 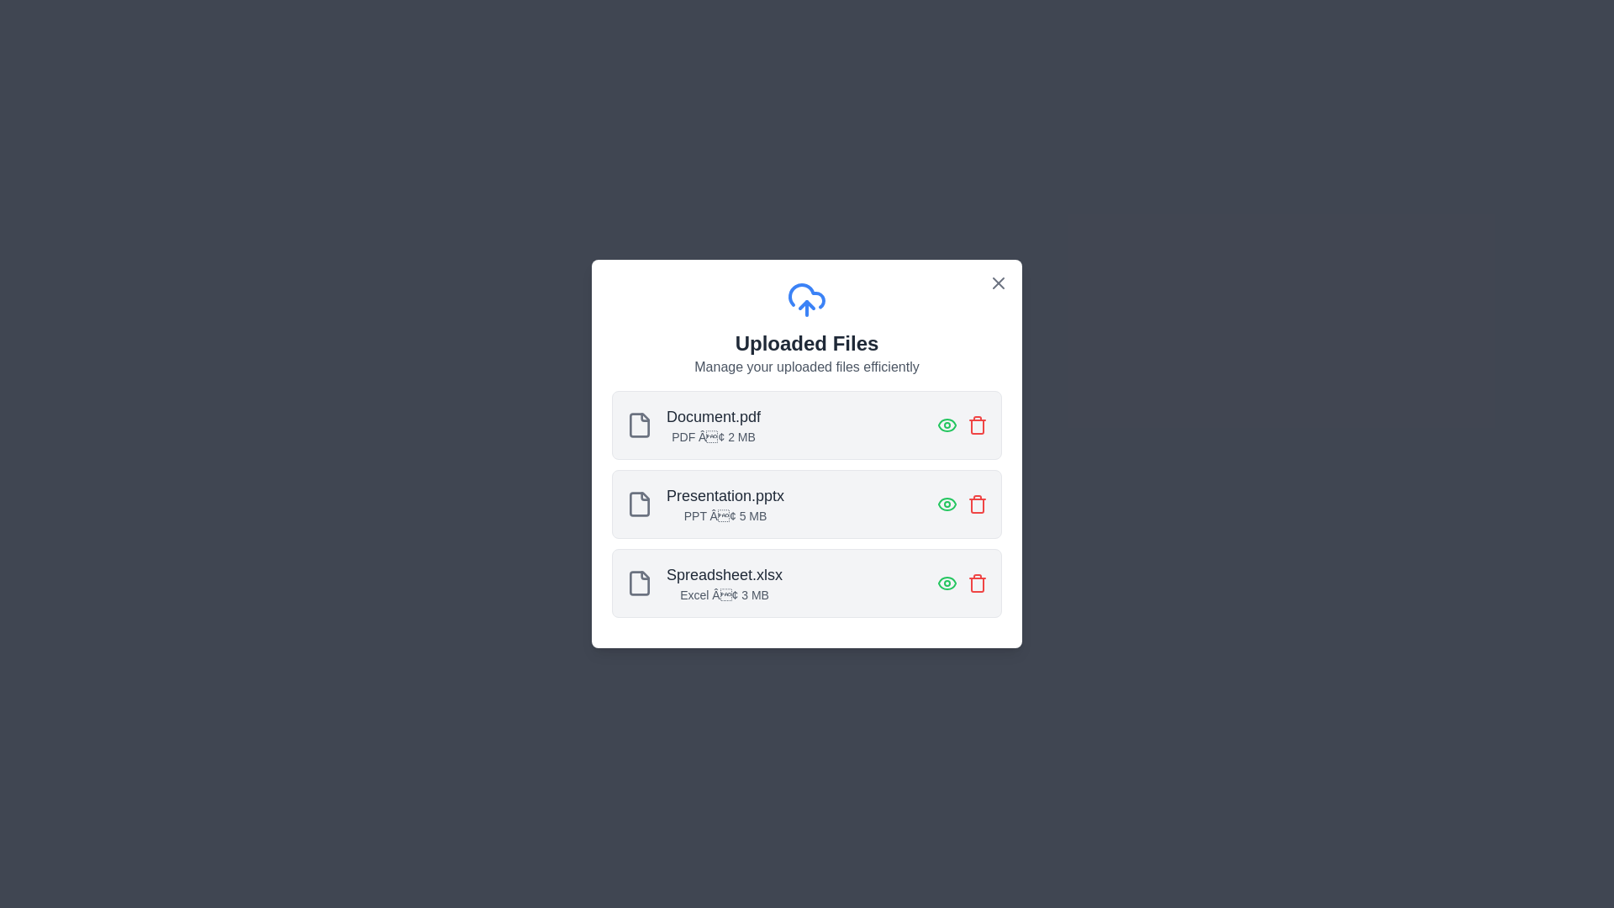 I want to click on the cloud upload icon located centered above the header text 'Uploaded Files' in the upper middle portion of the modal-like box, so click(x=807, y=299).